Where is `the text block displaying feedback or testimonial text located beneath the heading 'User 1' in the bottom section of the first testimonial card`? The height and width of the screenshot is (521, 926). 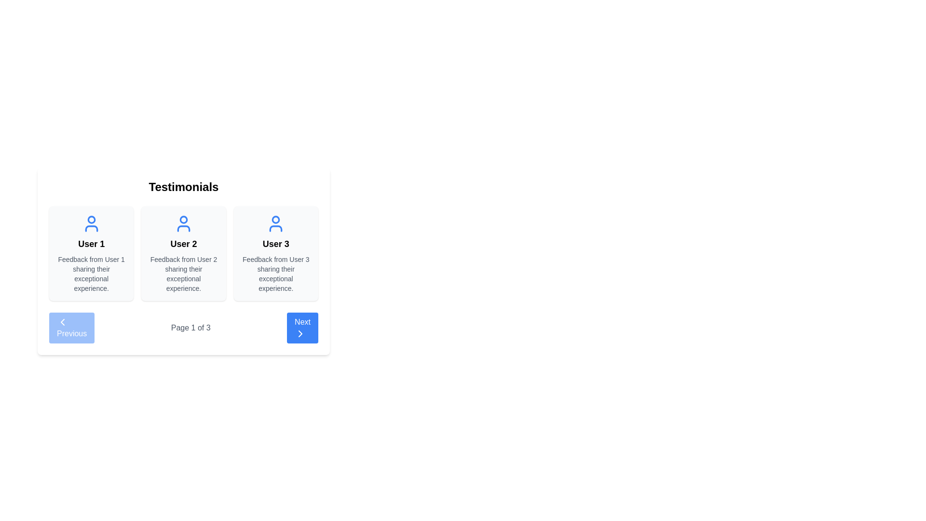 the text block displaying feedback or testimonial text located beneath the heading 'User 1' in the bottom section of the first testimonial card is located at coordinates (91, 274).